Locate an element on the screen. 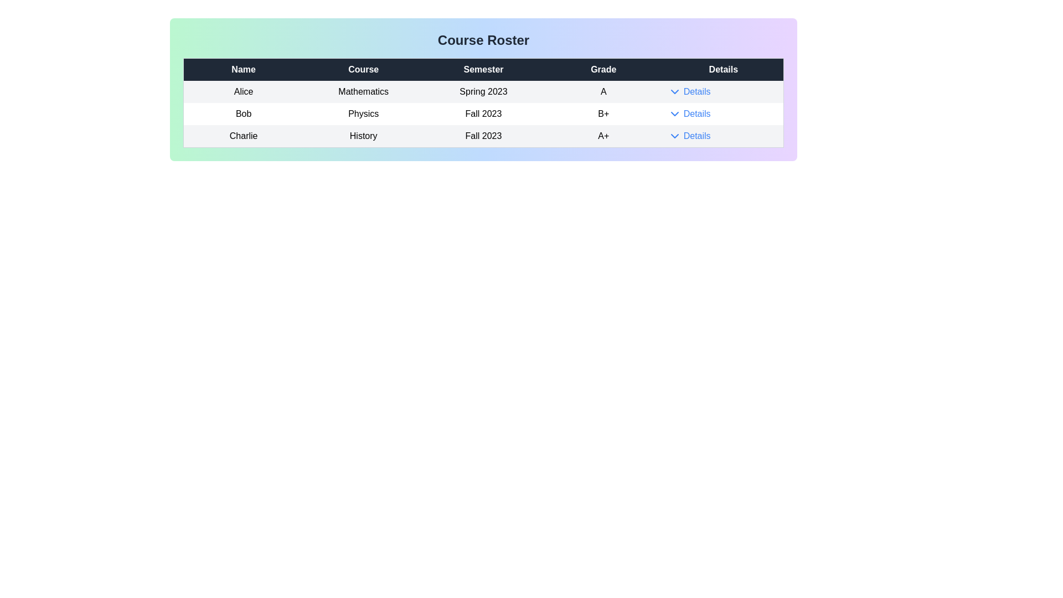  the LinkButton in the first row of the table under the 'Details' column, which reveals more information about 'Alice' and 'Mathematics' is located at coordinates (689, 91).